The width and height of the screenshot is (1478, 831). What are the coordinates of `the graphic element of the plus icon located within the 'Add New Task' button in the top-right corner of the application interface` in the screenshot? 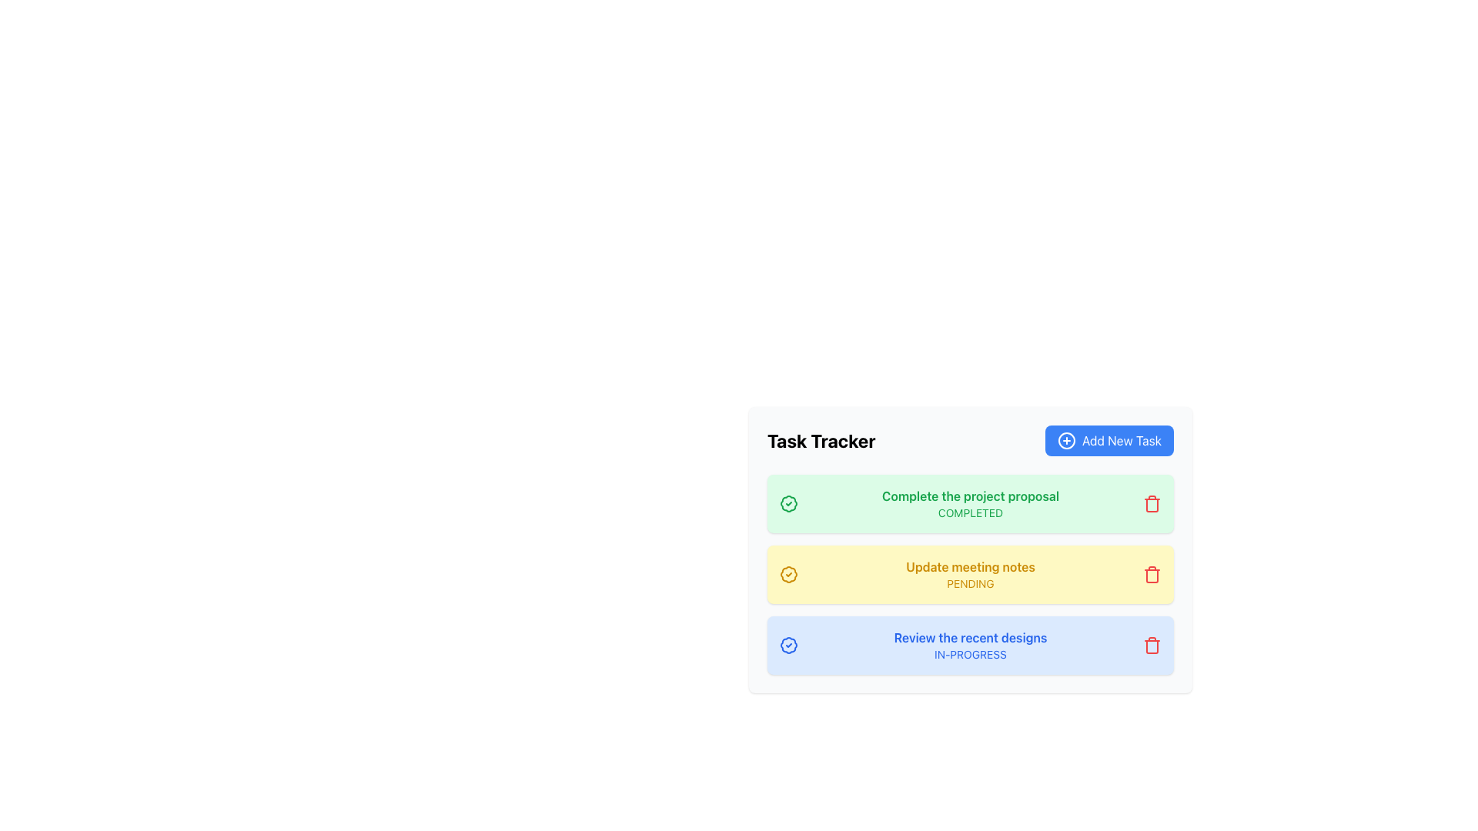 It's located at (1066, 441).